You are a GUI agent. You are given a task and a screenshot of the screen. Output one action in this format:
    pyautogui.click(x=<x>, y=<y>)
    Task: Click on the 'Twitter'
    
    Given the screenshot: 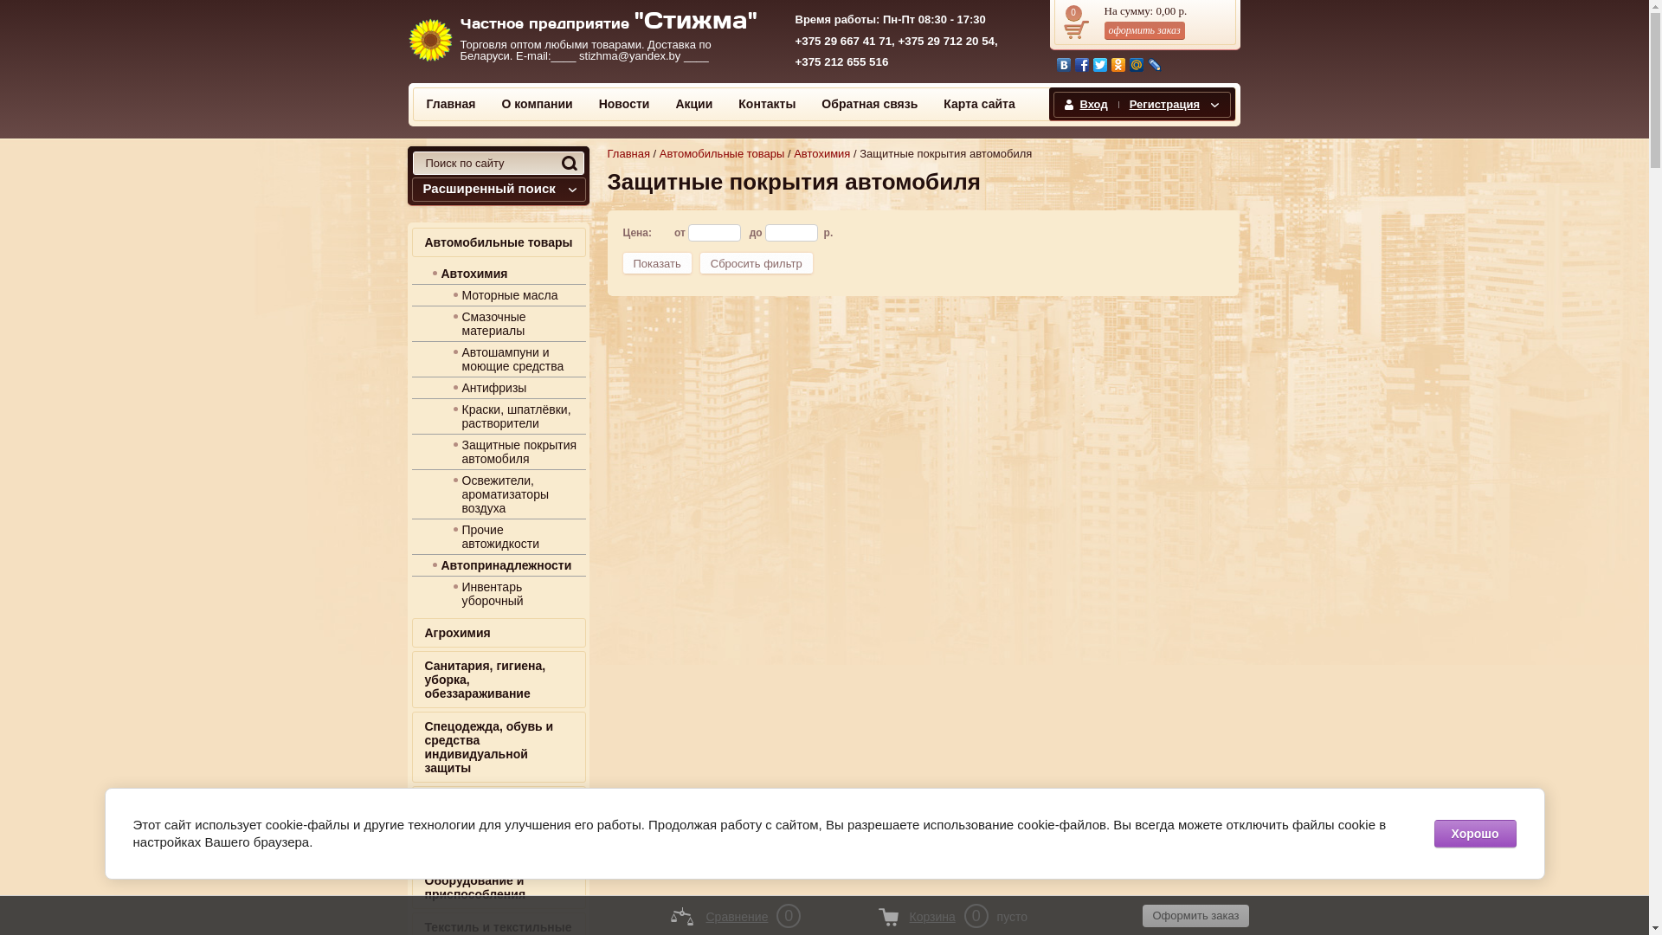 What is the action you would take?
    pyautogui.click(x=1098, y=63)
    